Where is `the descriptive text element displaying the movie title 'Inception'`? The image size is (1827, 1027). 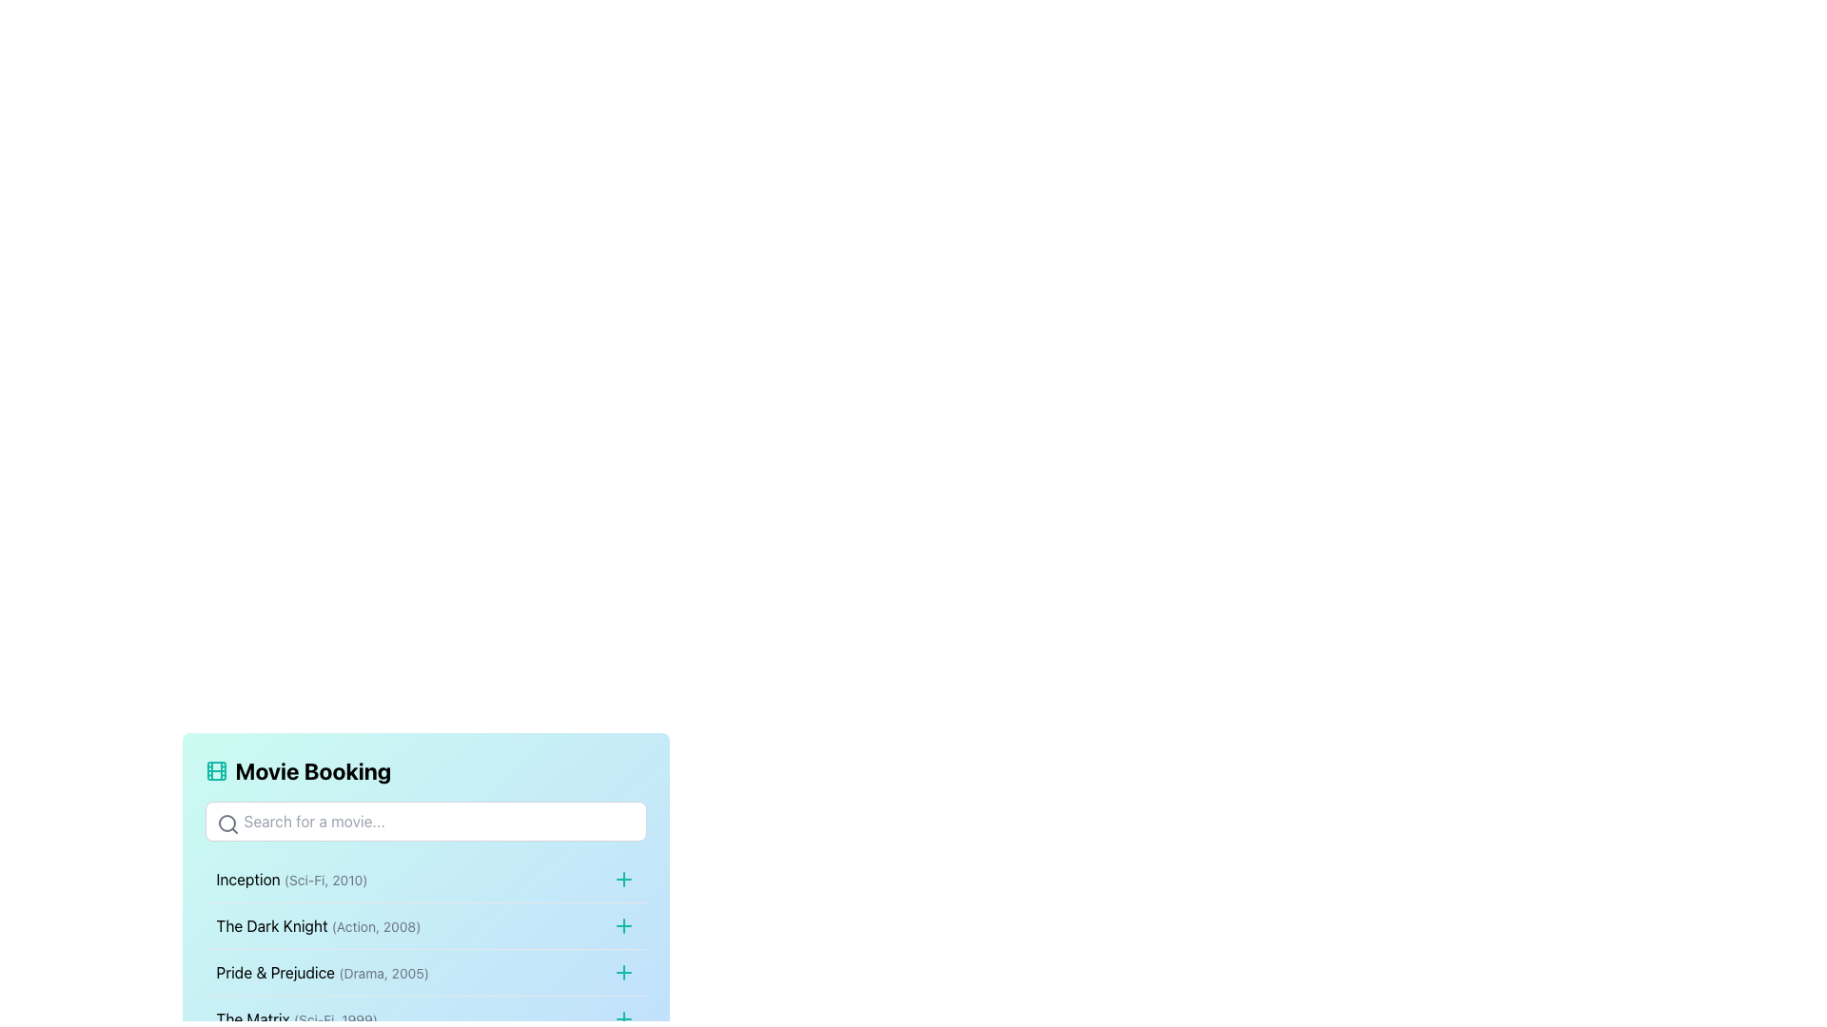
the descriptive text element displaying the movie title 'Inception' is located at coordinates (291, 880).